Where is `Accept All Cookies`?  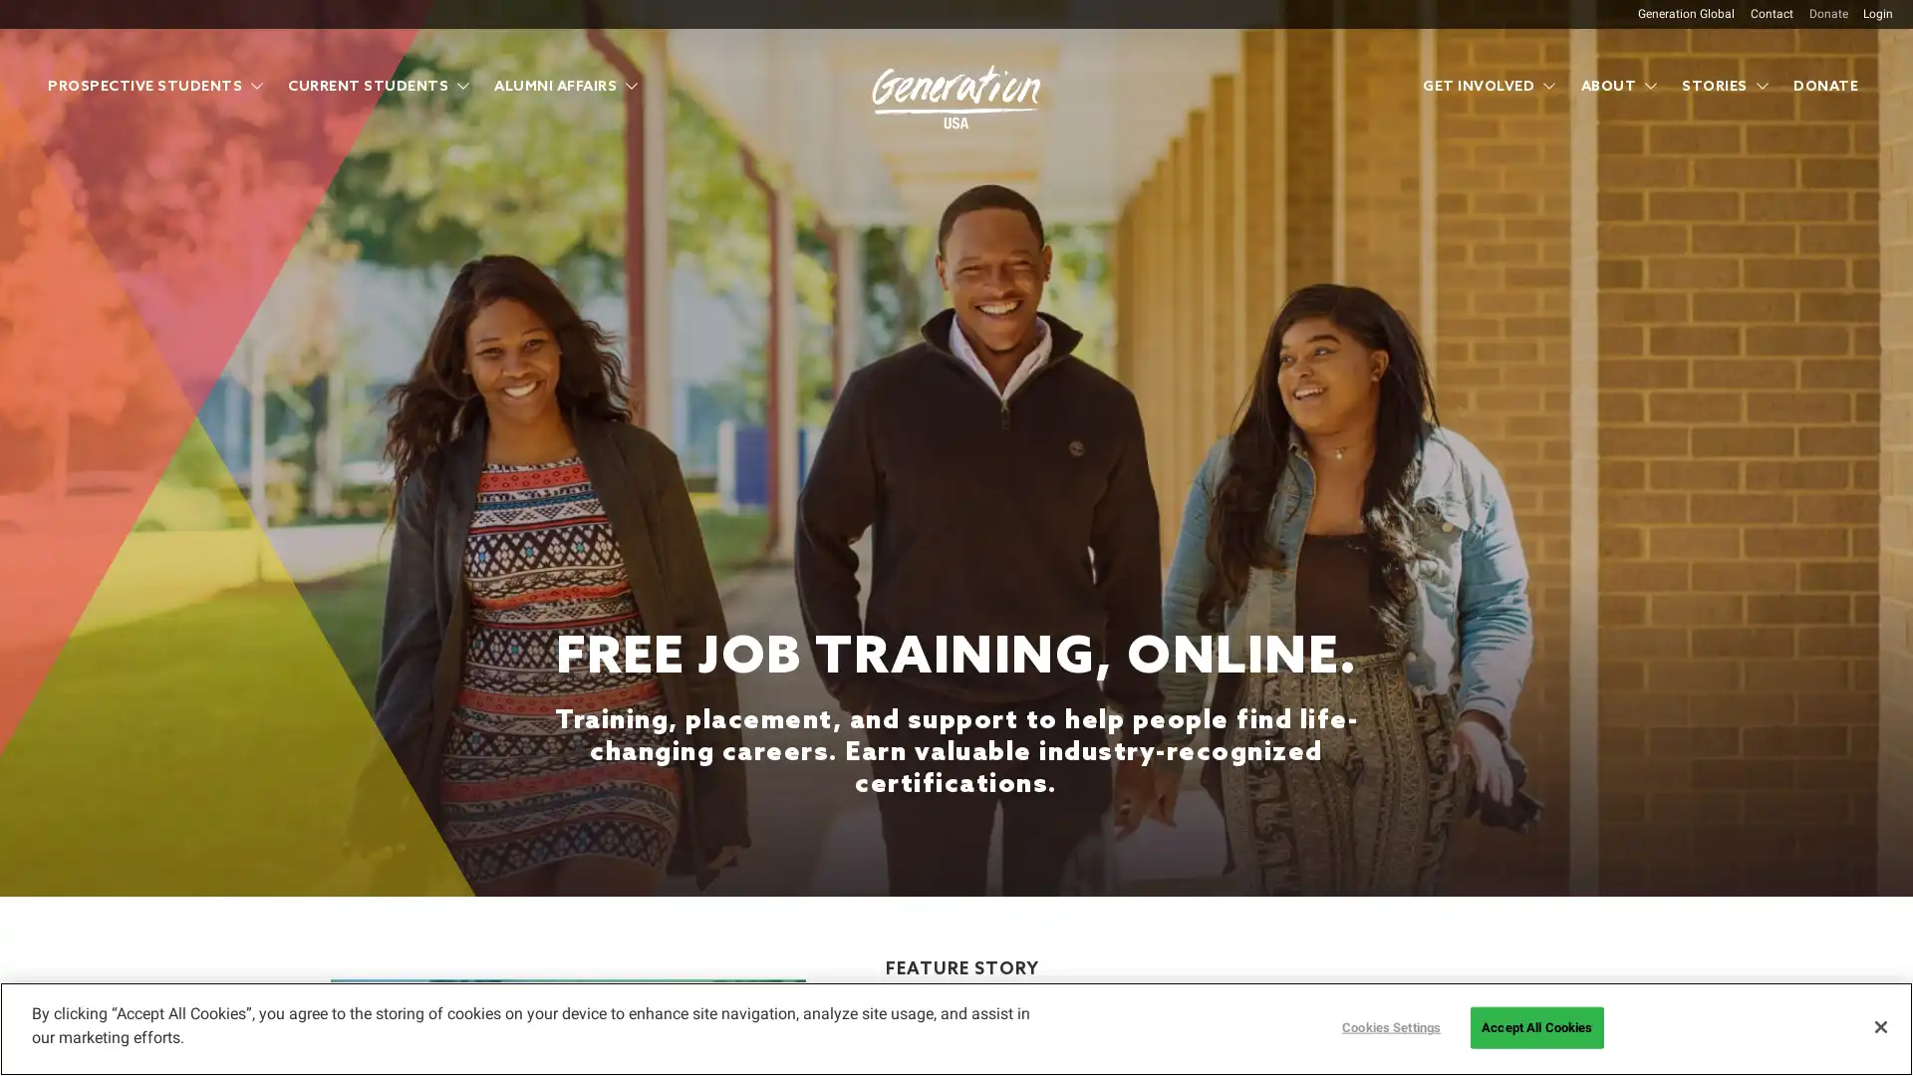
Accept All Cookies is located at coordinates (1535, 1026).